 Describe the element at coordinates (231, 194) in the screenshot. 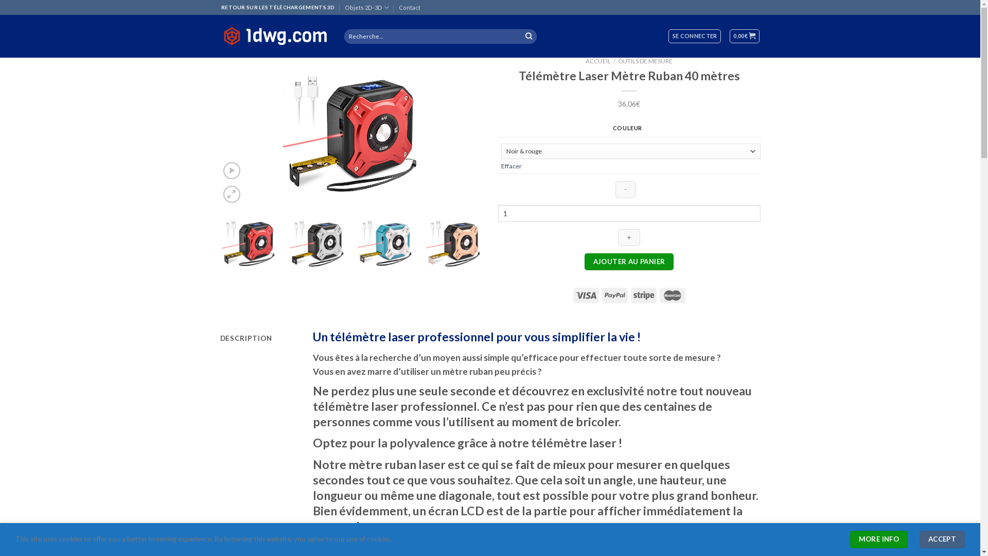

I see `'Zoom'` at that location.